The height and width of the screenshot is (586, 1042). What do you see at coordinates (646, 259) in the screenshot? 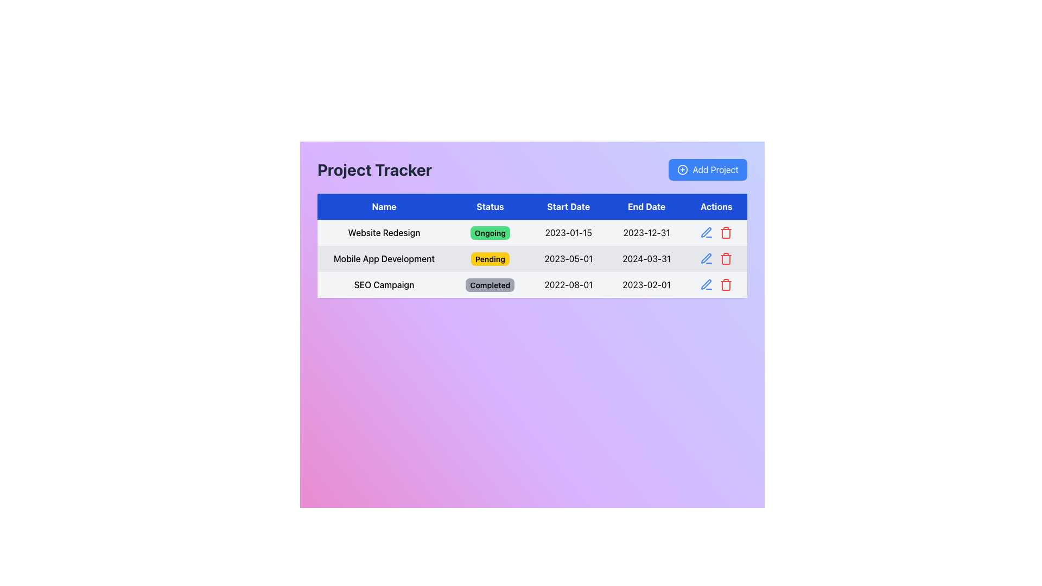
I see `the end date text '2024-03-31' displayed in black in the fifth column of the second row of the table` at bounding box center [646, 259].